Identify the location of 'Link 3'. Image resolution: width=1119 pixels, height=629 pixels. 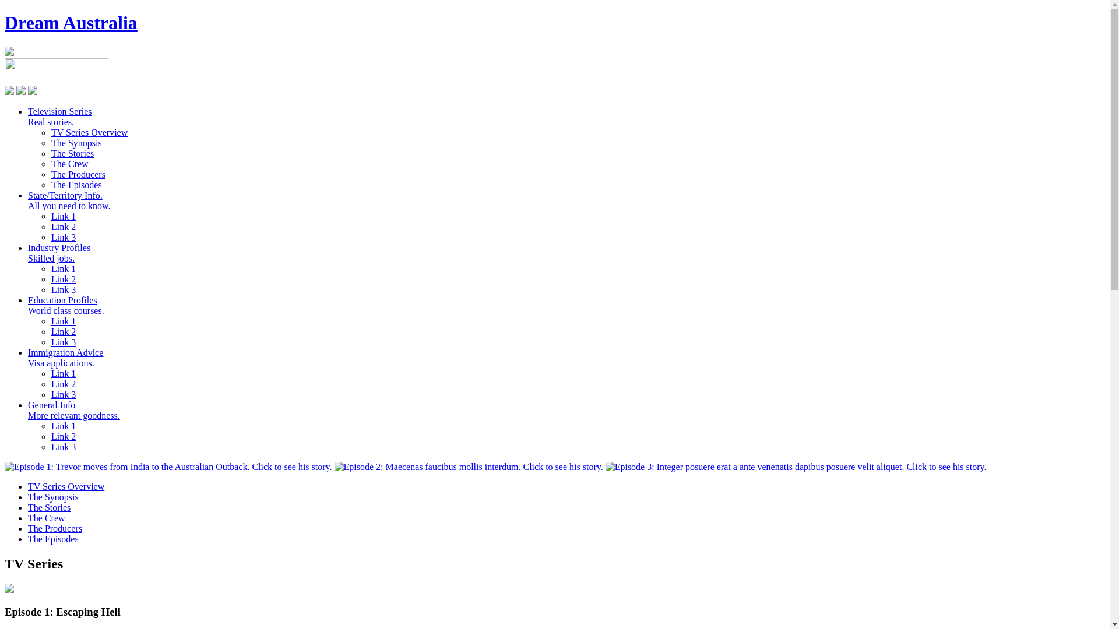
(63, 289).